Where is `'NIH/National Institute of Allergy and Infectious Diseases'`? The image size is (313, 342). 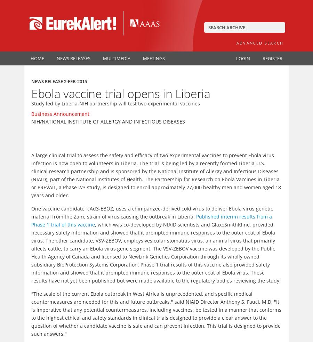
'NIH/National Institute of Allergy and Infectious Diseases' is located at coordinates (31, 121).